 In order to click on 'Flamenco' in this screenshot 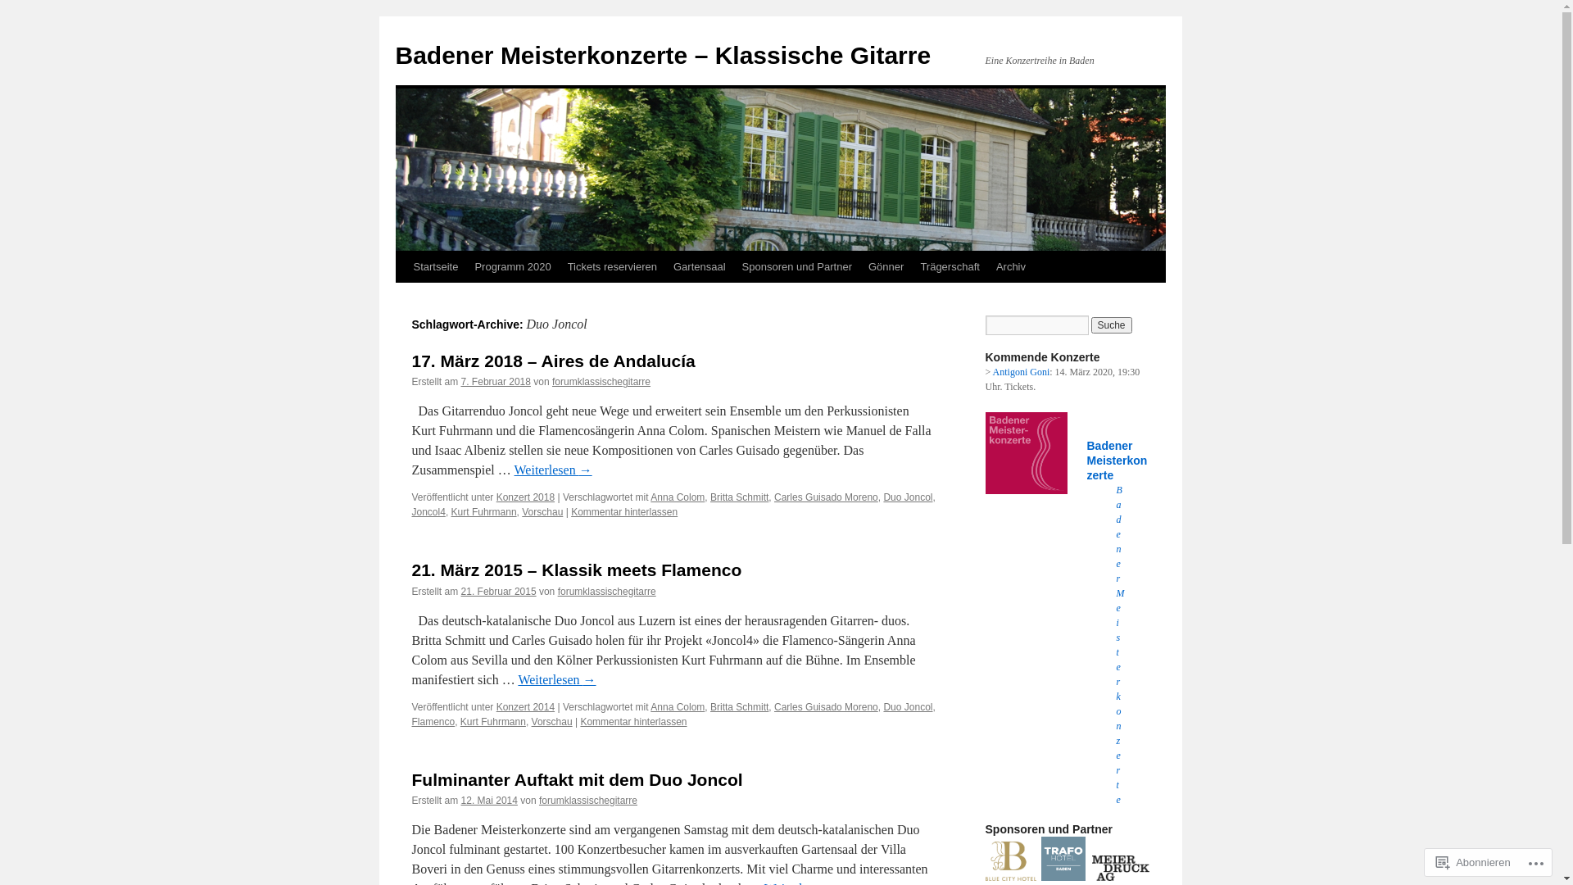, I will do `click(411, 720)`.